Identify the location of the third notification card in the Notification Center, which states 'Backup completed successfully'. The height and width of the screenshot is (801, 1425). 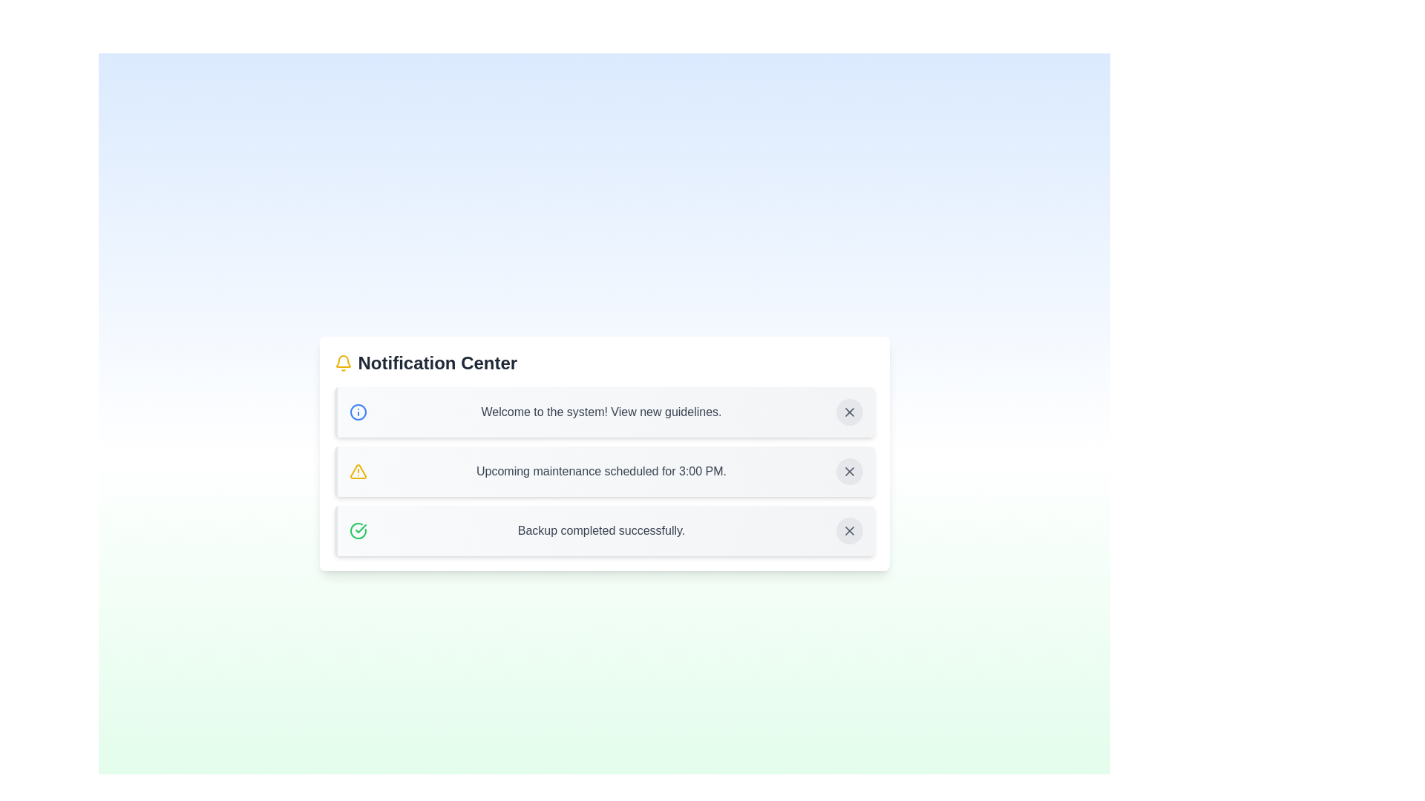
(604, 530).